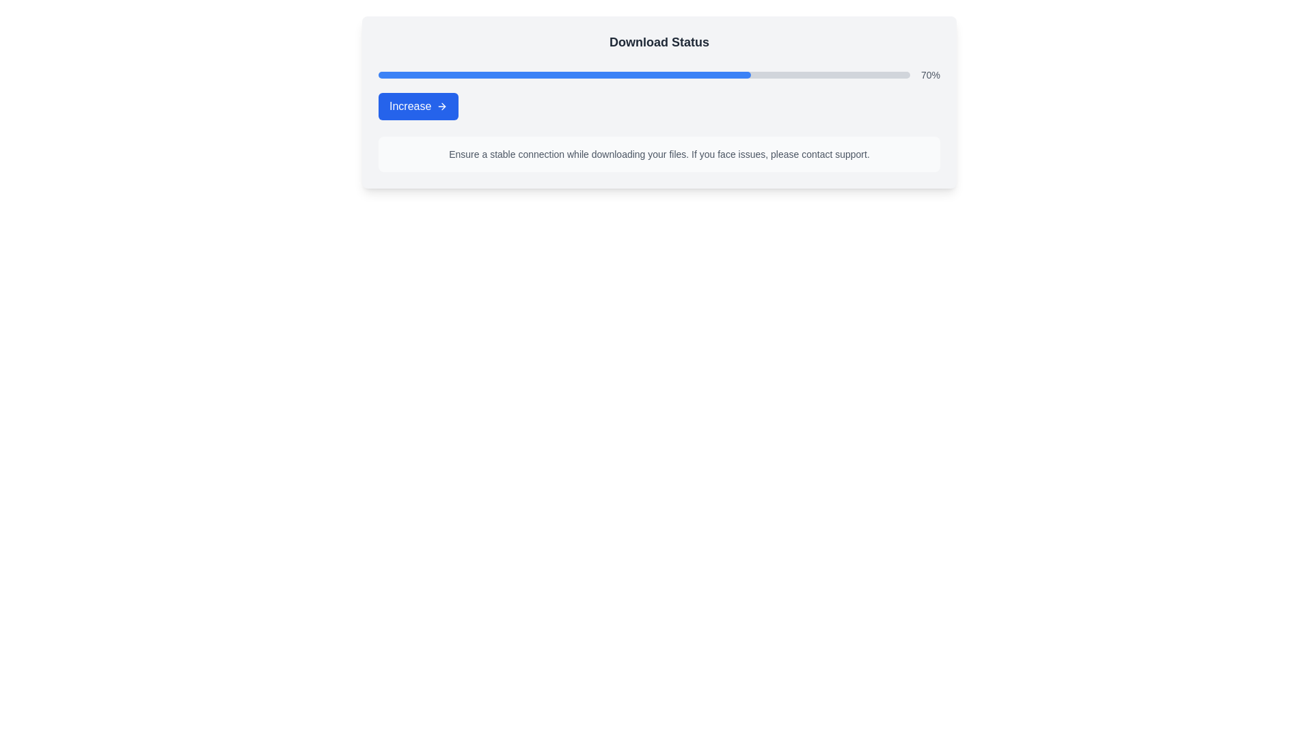  Describe the element at coordinates (659, 94) in the screenshot. I see `progress information from the Composite component indicating download progress at 70% within the 'Download Status' card` at that location.